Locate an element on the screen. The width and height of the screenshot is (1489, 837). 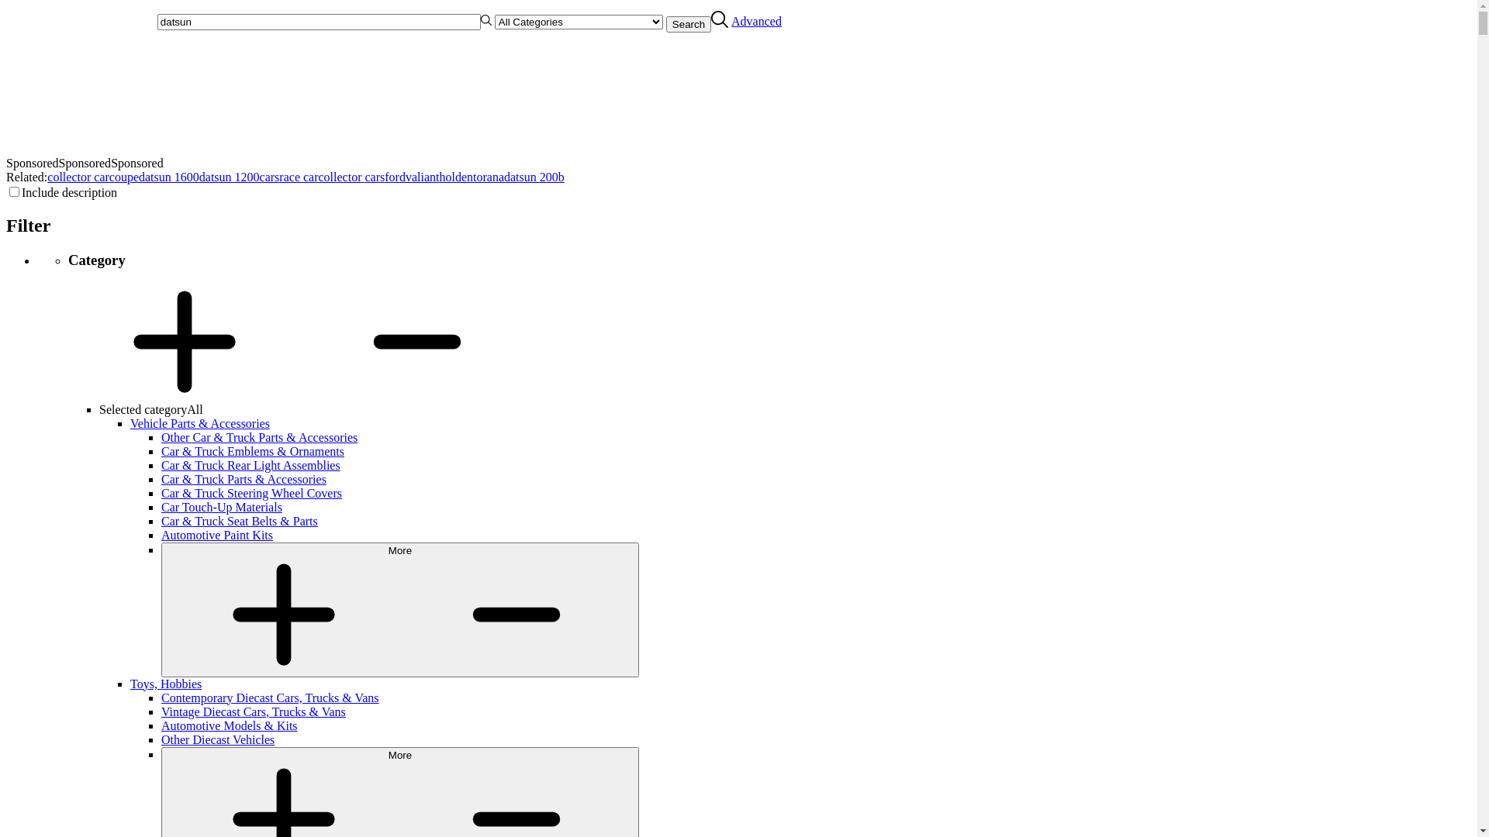
'Car & Truck Seat Belts & Parts' is located at coordinates (238, 521).